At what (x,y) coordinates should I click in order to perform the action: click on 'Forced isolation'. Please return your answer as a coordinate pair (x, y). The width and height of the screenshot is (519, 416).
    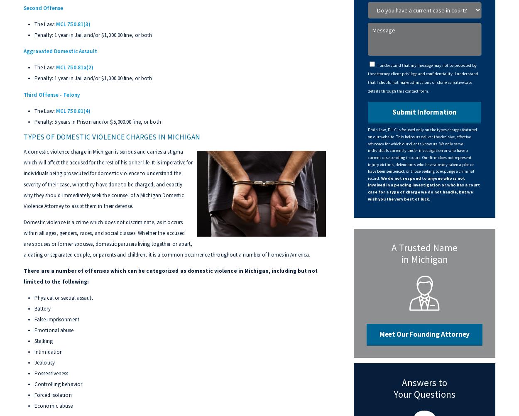
    Looking at the image, I should click on (53, 394).